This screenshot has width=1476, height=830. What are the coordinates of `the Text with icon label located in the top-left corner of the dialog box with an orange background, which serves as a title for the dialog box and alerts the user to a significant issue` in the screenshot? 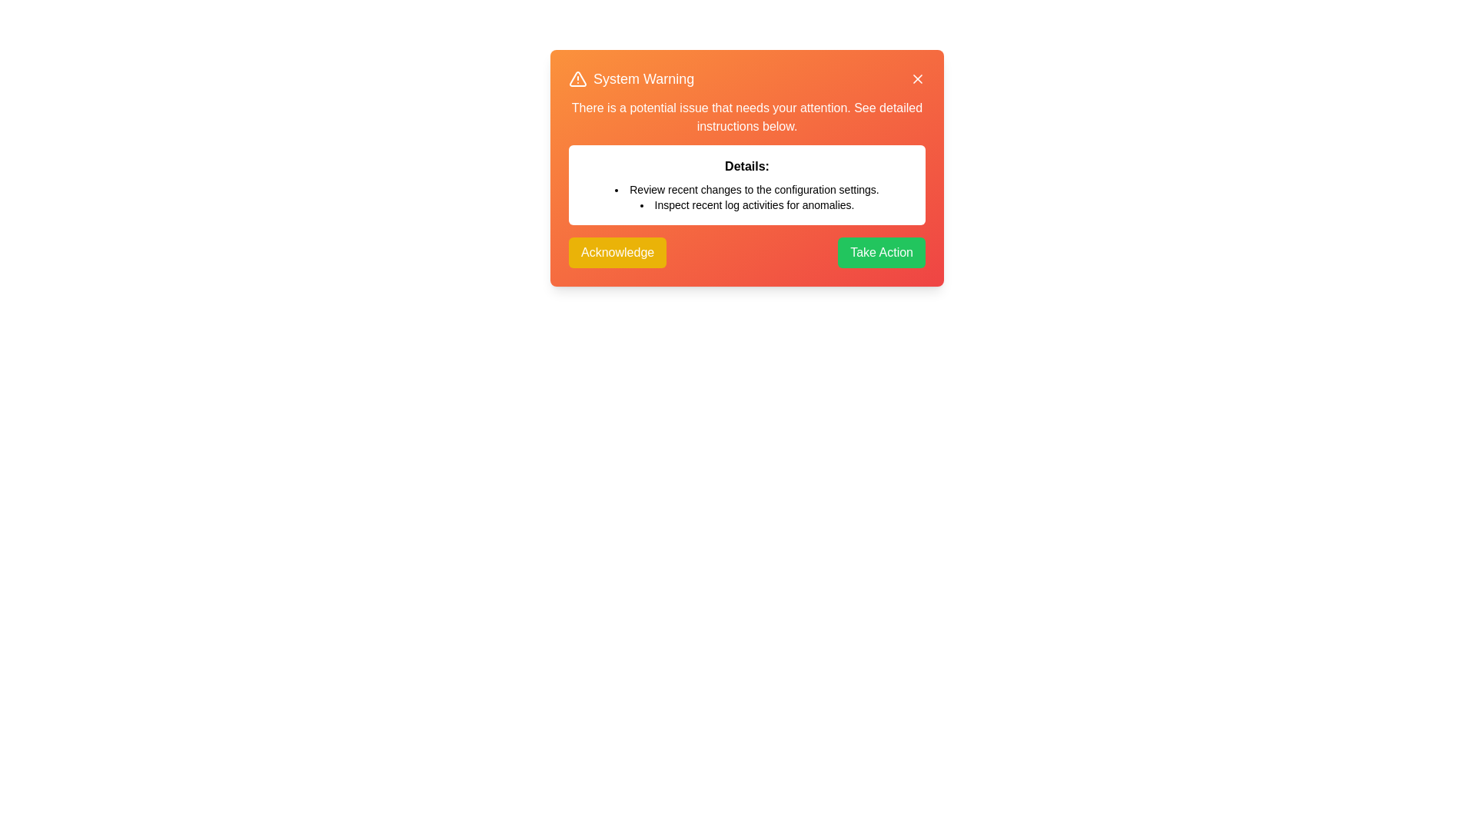 It's located at (631, 79).